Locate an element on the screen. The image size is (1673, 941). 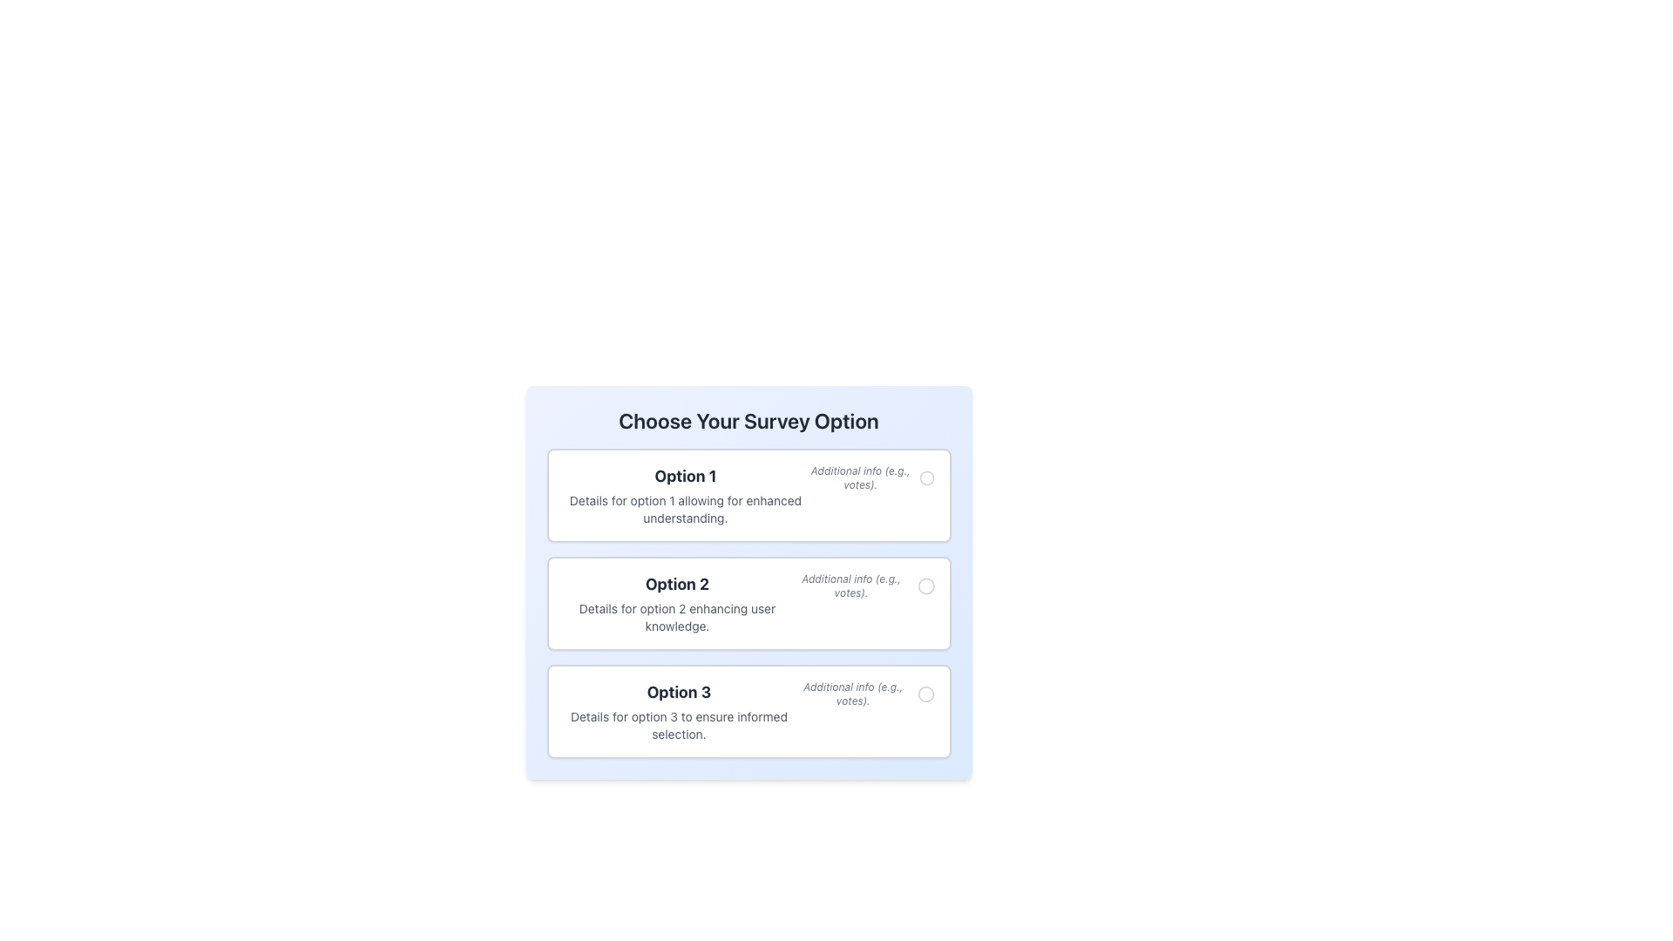
the first selectable option in the survey description grouping located below the heading 'Choose Your Survey Option' is located at coordinates (685, 496).